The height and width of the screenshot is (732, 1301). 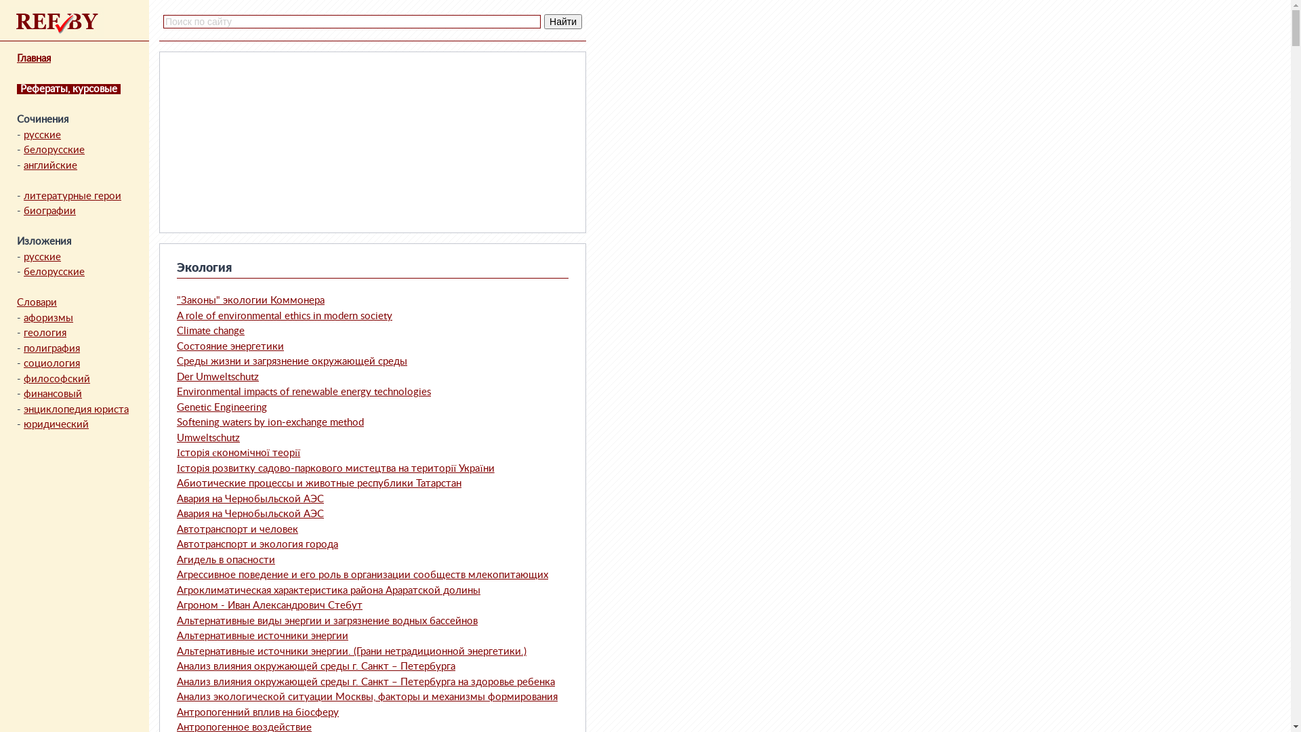 I want to click on 'Advertisement', so click(x=266, y=142).